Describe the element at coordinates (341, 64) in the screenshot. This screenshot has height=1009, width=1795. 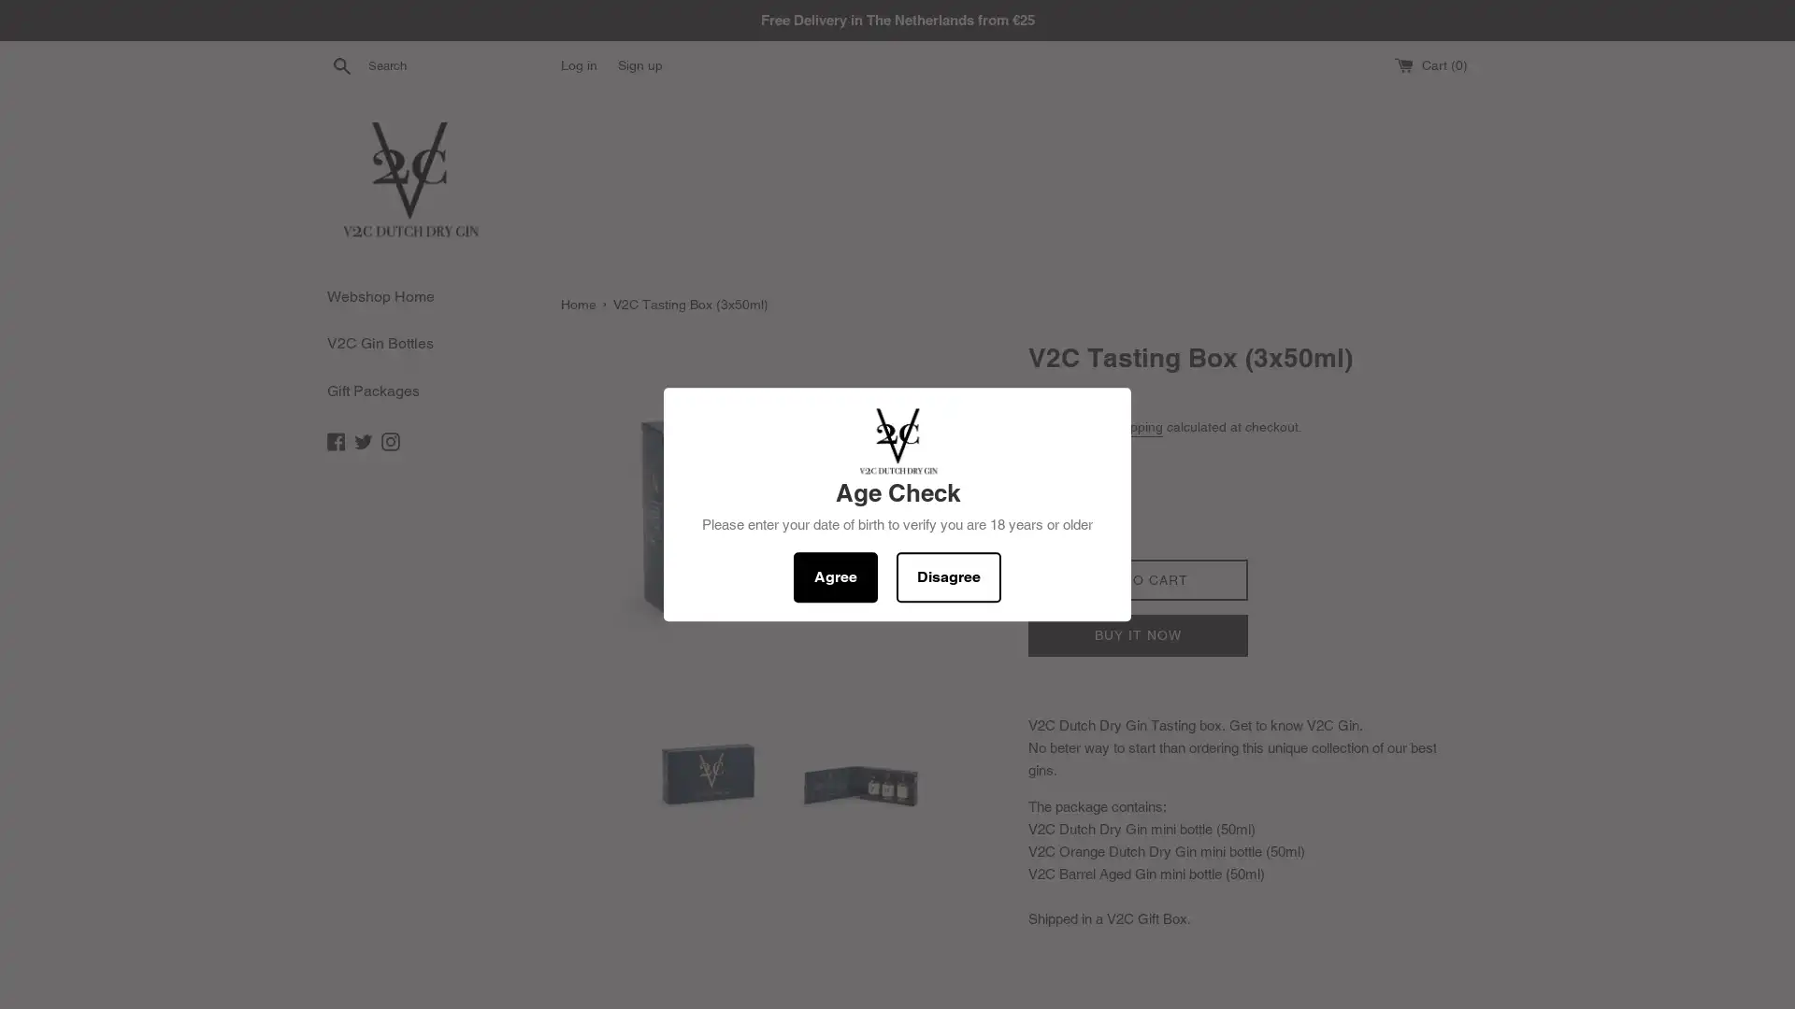
I see `Search` at that location.